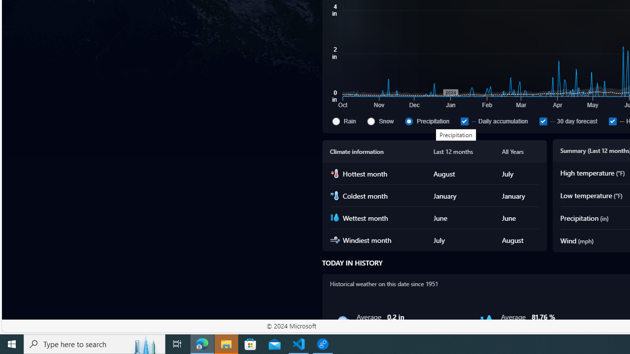 The image size is (630, 354). What do you see at coordinates (347, 120) in the screenshot?
I see `'Rain'` at bounding box center [347, 120].